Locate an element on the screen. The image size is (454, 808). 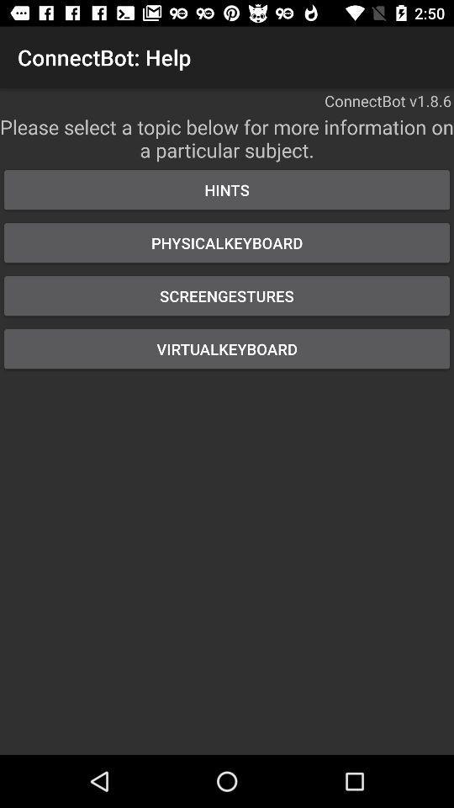
icon below the please select a app is located at coordinates (227, 189).